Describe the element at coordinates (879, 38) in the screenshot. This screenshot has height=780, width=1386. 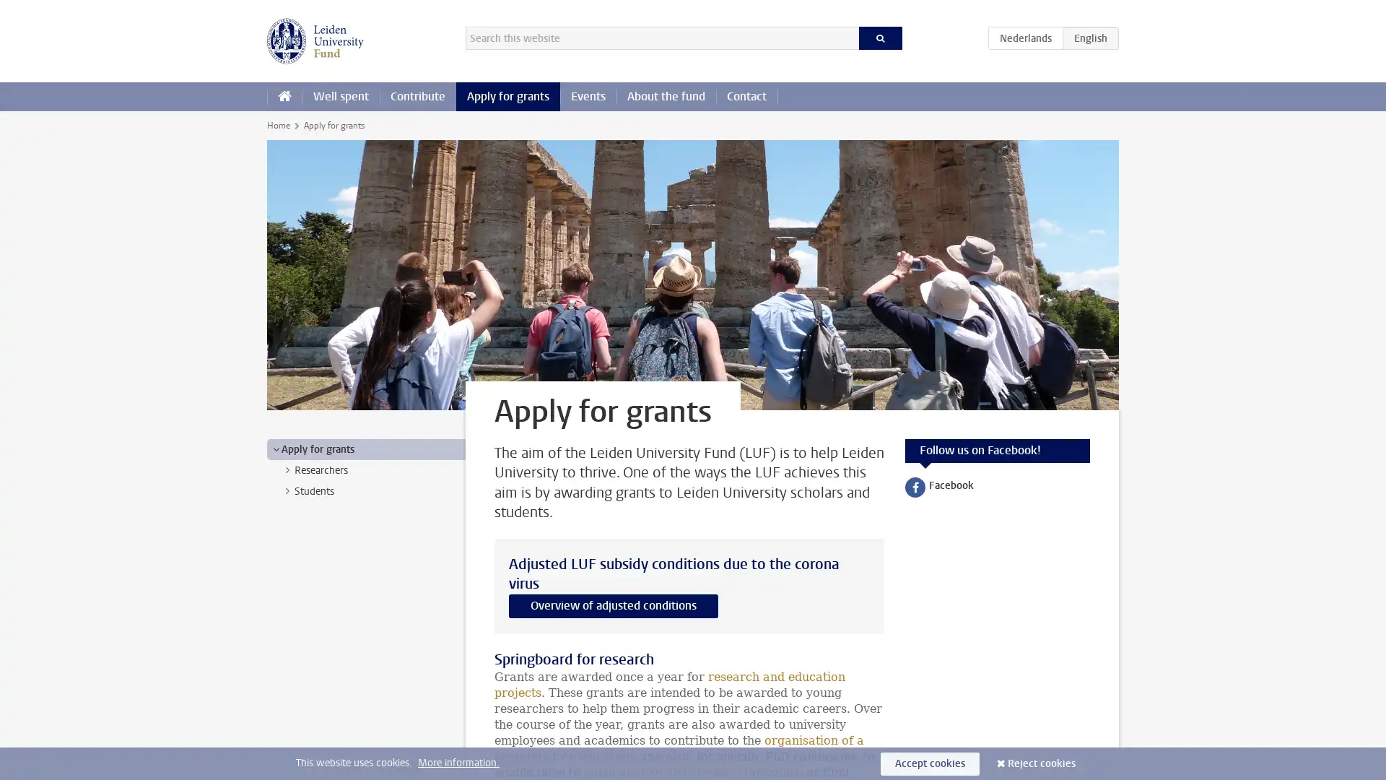
I see `Search` at that location.